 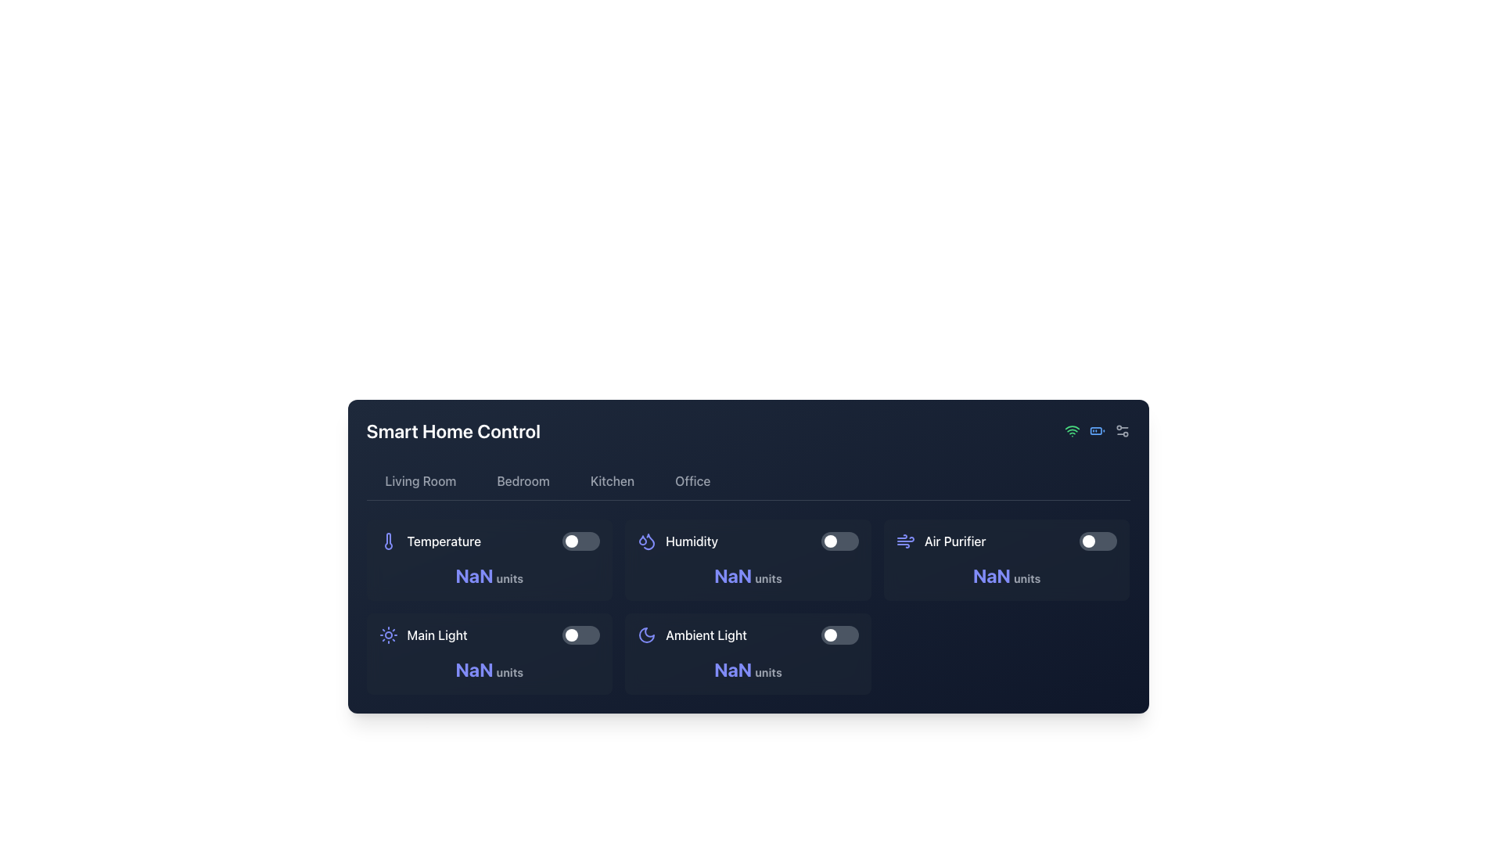 What do you see at coordinates (437, 635) in the screenshot?
I see `the 'Main Light' label, which is styled in a medium-weight font and located to the right of a sun icon within a dark rectangular card in the smart home control interface` at bounding box center [437, 635].